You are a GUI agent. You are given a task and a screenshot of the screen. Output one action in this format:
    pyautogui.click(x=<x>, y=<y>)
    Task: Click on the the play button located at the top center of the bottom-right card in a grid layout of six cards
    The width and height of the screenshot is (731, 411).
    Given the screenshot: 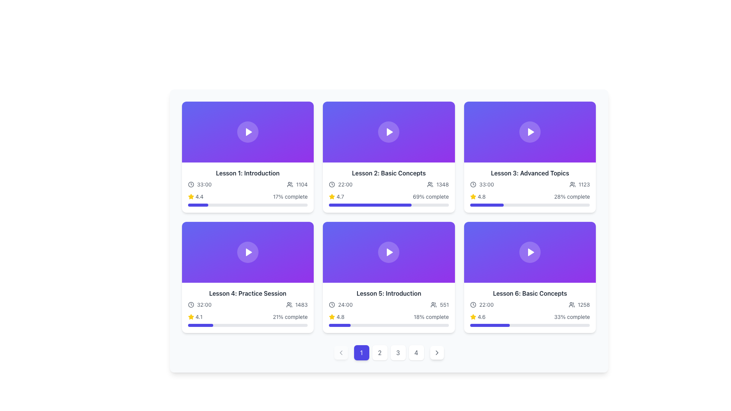 What is the action you would take?
    pyautogui.click(x=530, y=252)
    